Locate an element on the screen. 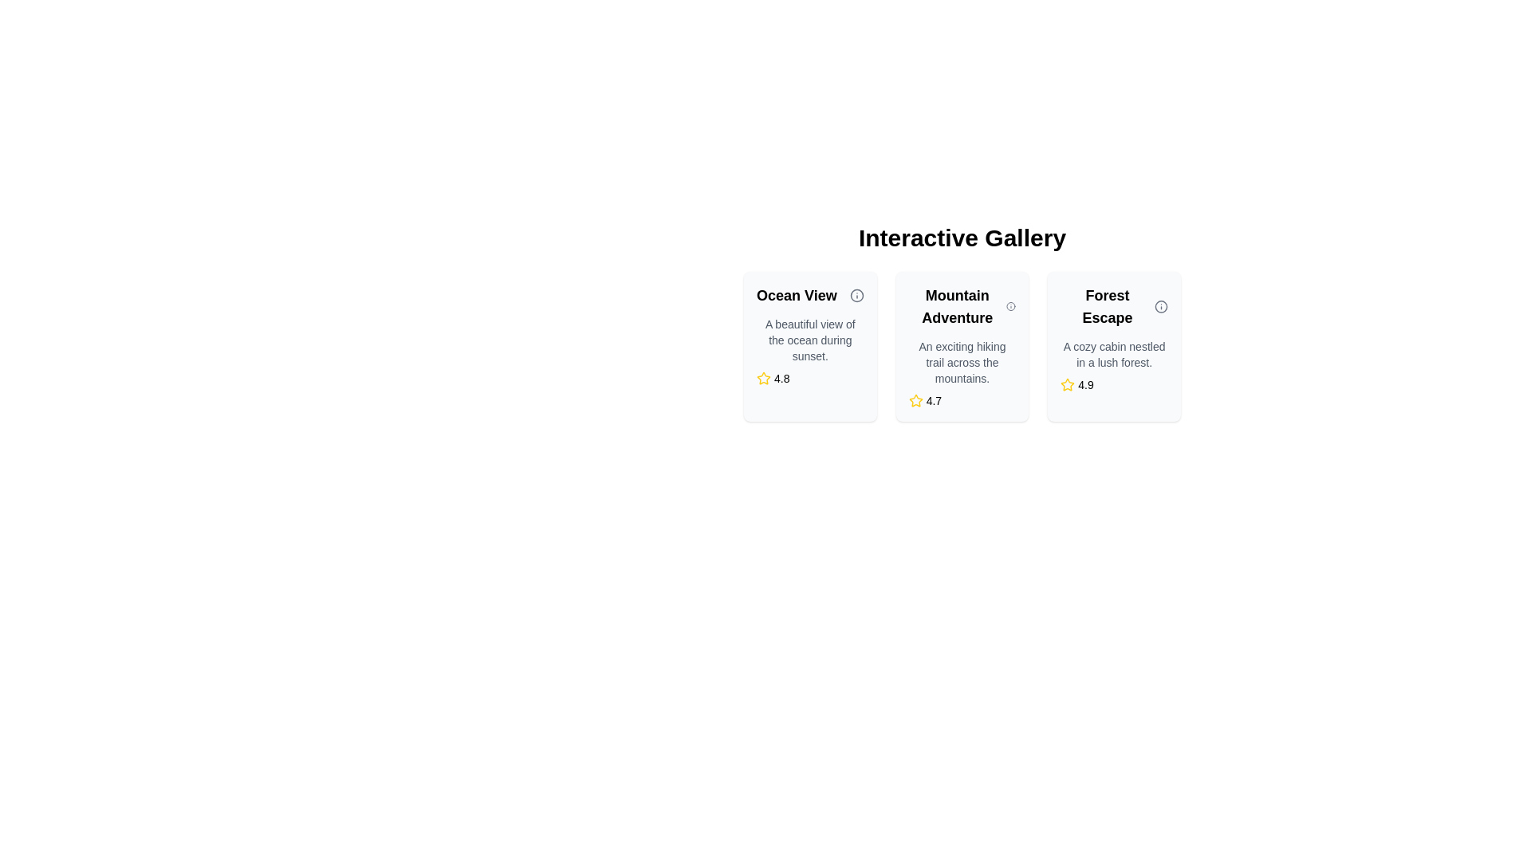  title text label located at the top section of the third card in the horizontally aligned gallery of three cards is located at coordinates (1113, 307).